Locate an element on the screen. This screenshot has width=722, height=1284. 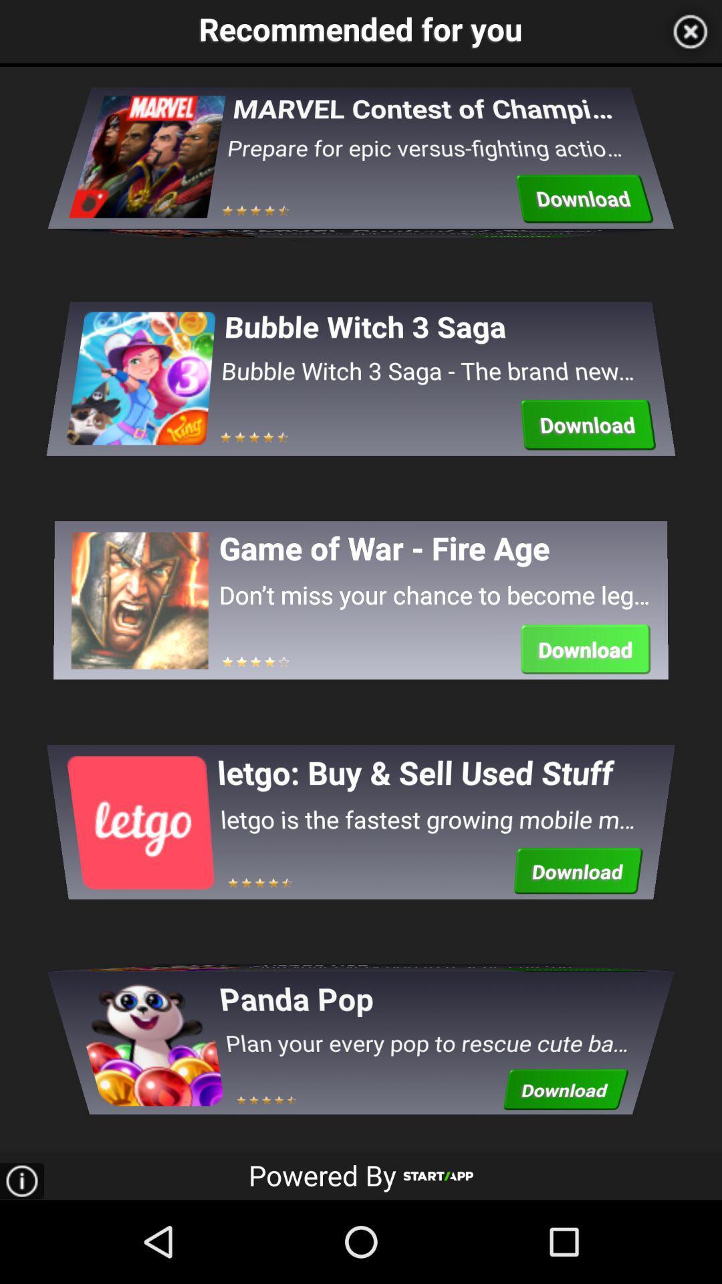
the close icon is located at coordinates (690, 33).